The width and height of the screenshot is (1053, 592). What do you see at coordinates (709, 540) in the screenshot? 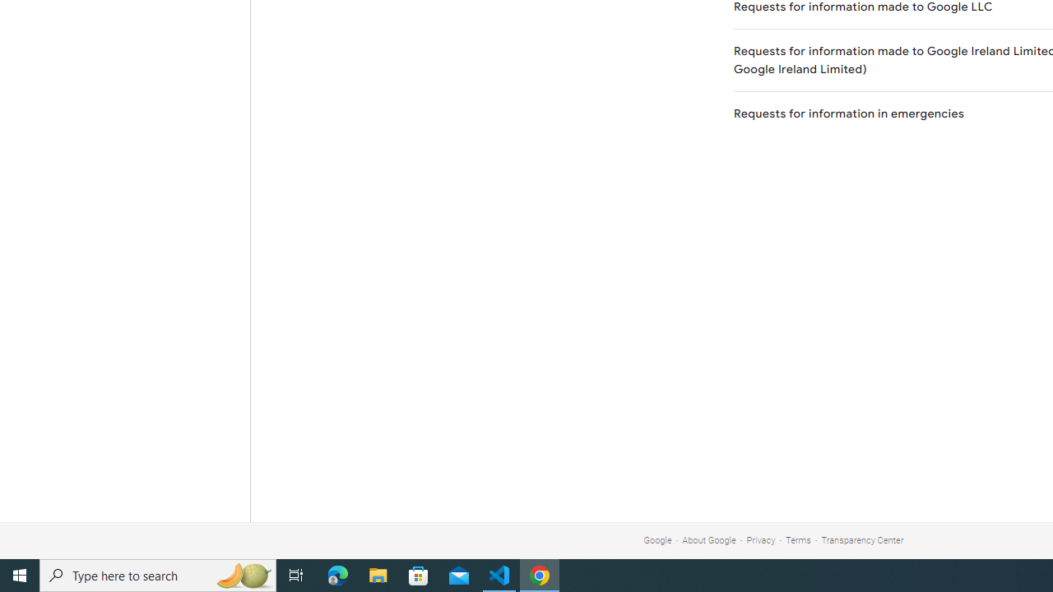
I see `'About Google'` at bounding box center [709, 540].